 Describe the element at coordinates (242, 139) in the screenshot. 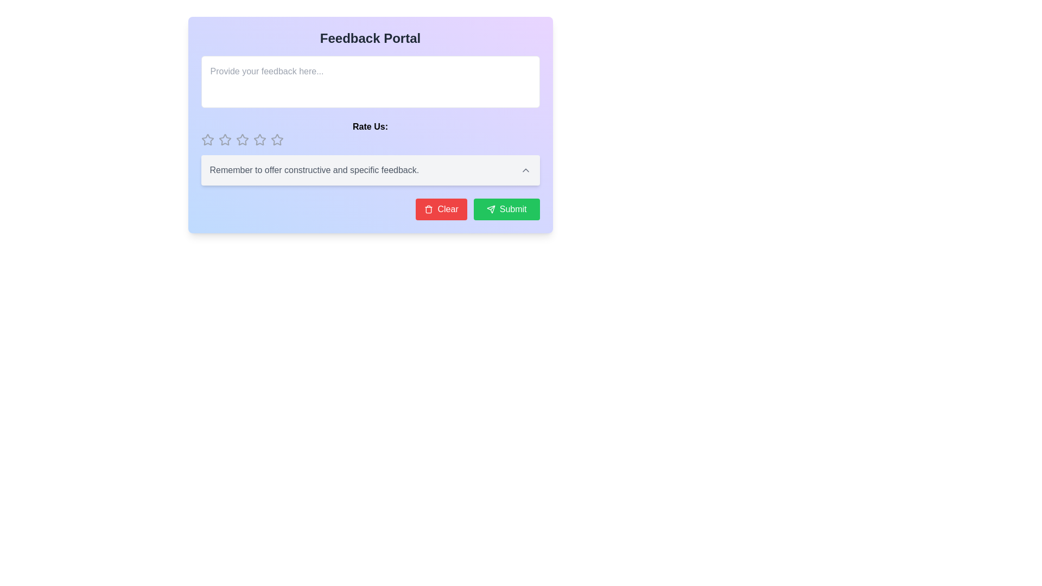

I see `the fourth star icon used for rating` at that location.